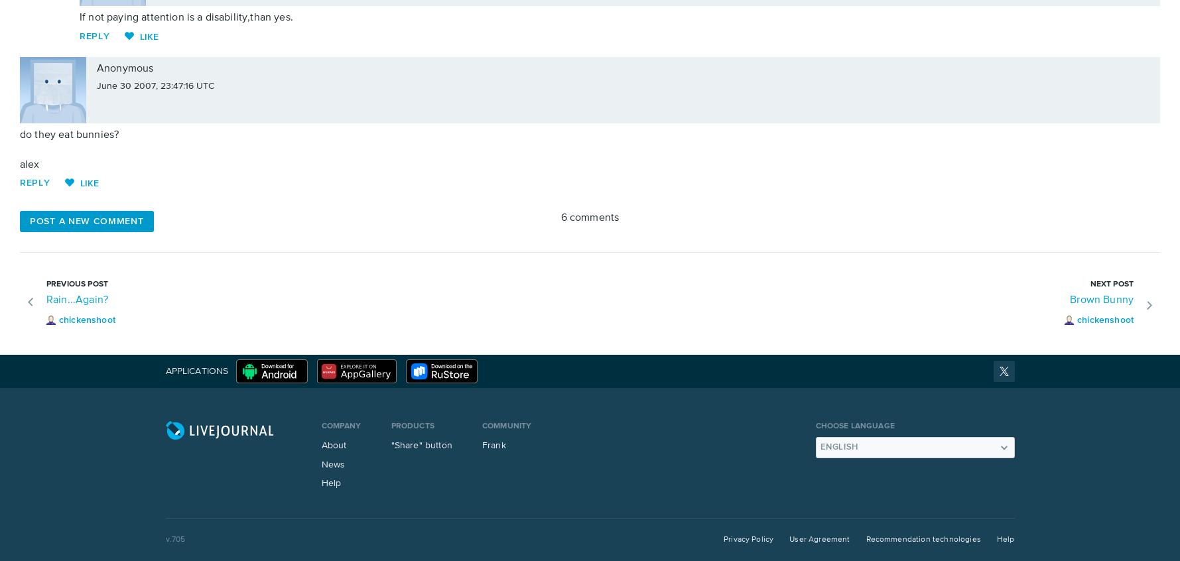  Describe the element at coordinates (186, 17) in the screenshot. I see `'If not paying attention is a disability,than yes.'` at that location.